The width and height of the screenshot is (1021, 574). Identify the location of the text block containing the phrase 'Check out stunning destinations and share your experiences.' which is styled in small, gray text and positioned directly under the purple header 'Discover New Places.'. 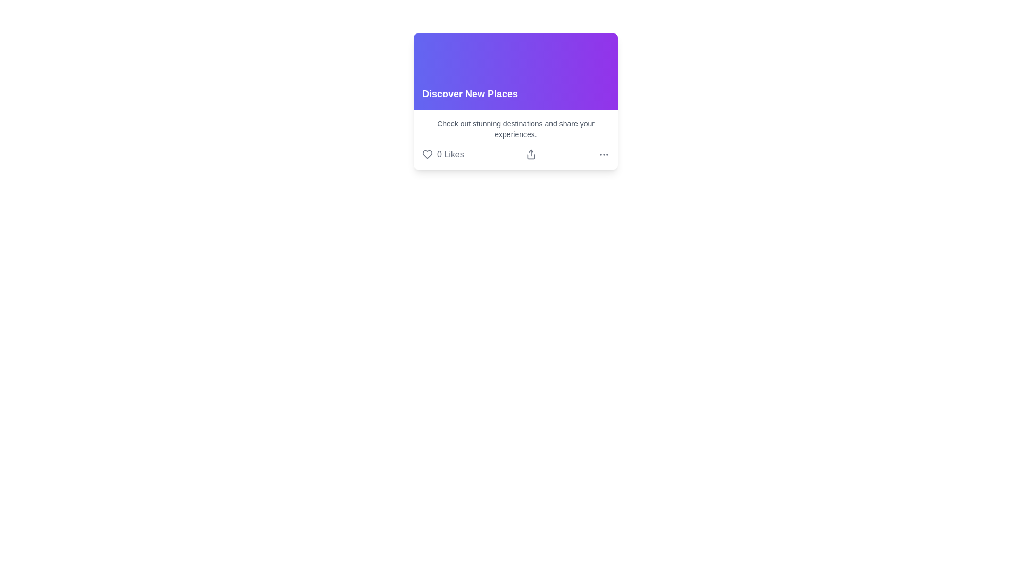
(515, 129).